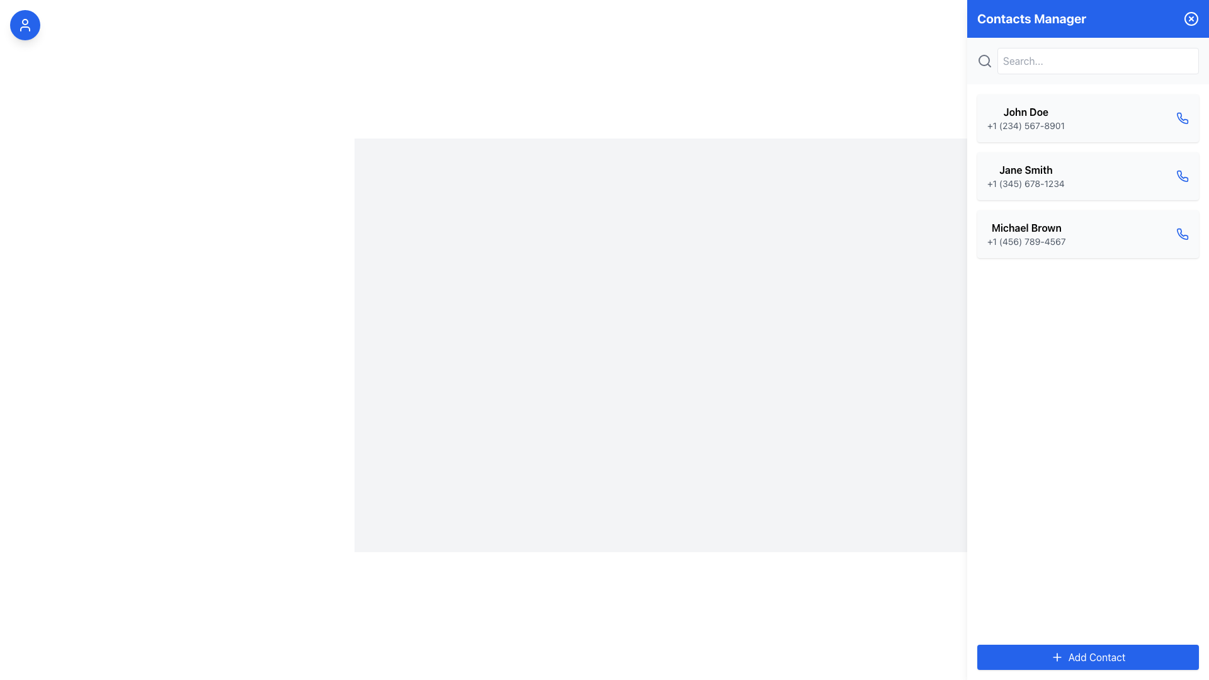  Describe the element at coordinates (1190, 19) in the screenshot. I see `the close icon located in the top-right corner of the 'Contacts Manager' header bar` at that location.